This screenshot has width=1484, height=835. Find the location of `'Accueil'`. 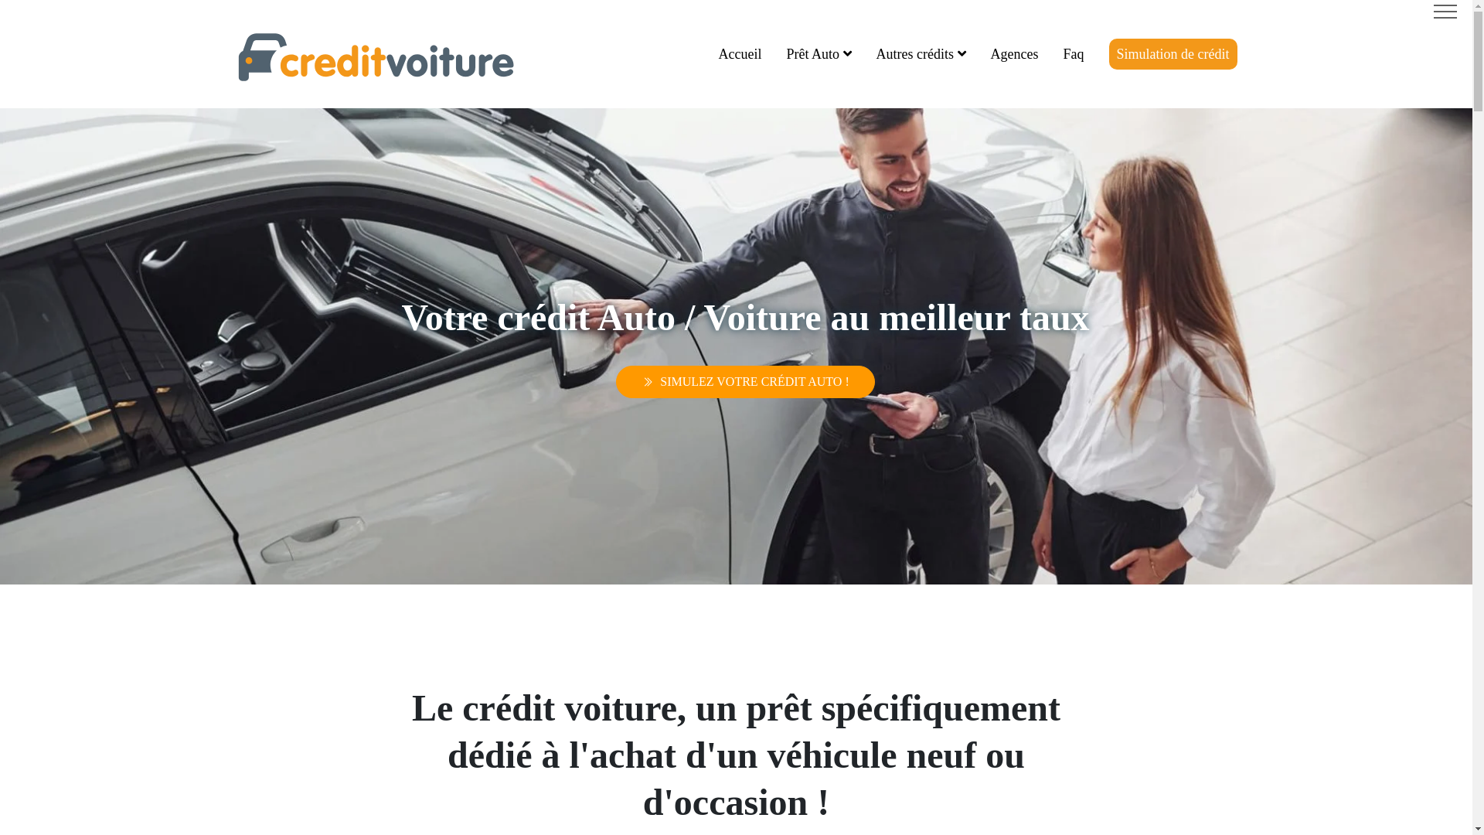

'Accueil' is located at coordinates (740, 53).